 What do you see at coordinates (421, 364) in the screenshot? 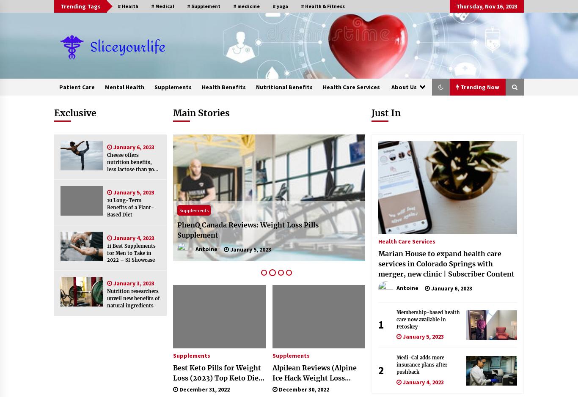
I see `'Medi-Cal adds more insurance plans after pushback'` at bounding box center [421, 364].